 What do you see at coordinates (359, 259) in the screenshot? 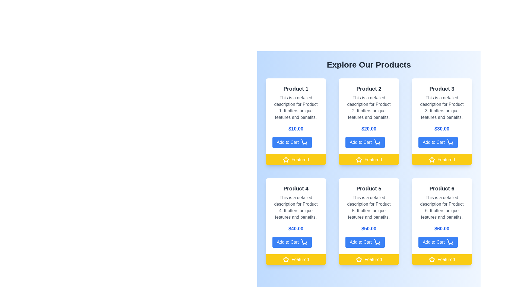
I see `the featured icon located below the Product 5 card in the second row and second column of the grid layout` at bounding box center [359, 259].